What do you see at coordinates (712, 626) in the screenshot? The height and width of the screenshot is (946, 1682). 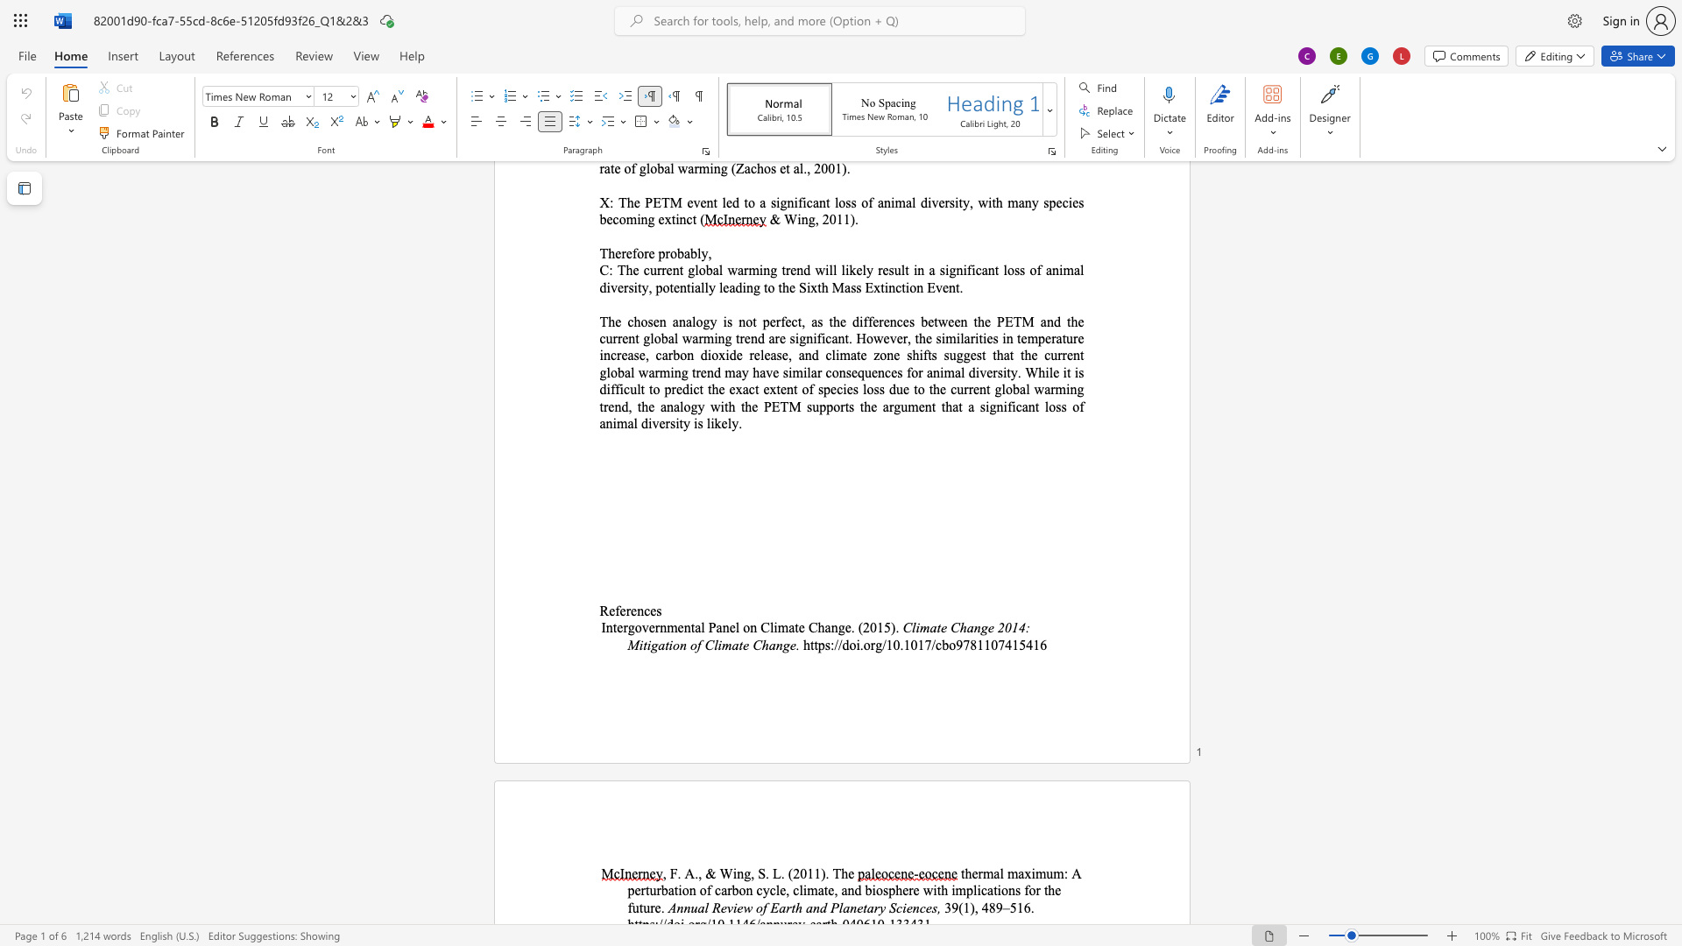 I see `the 1th character "P" in the text` at bounding box center [712, 626].